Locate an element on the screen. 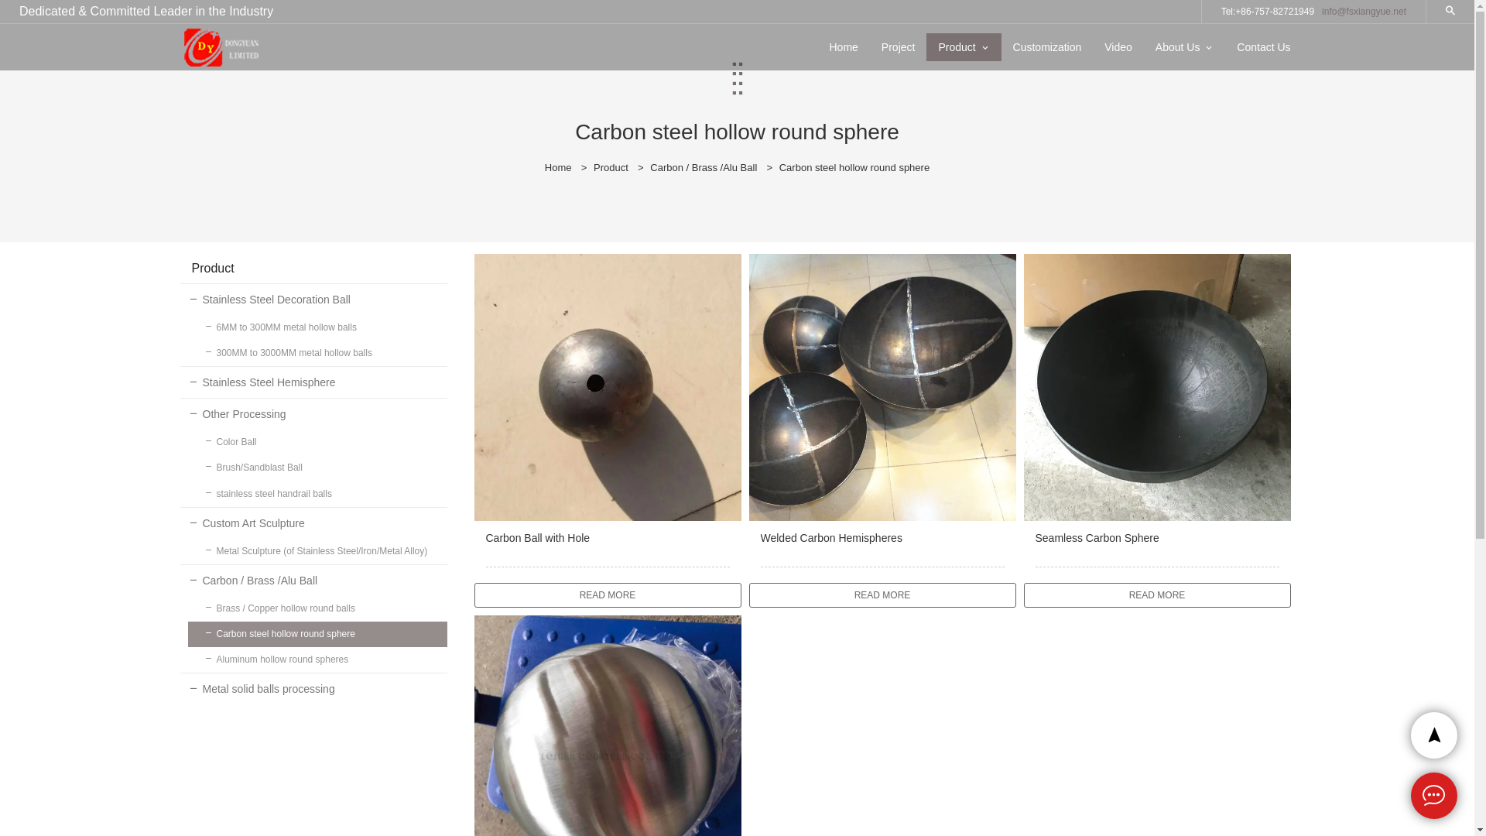  'Project' is located at coordinates (869, 46).